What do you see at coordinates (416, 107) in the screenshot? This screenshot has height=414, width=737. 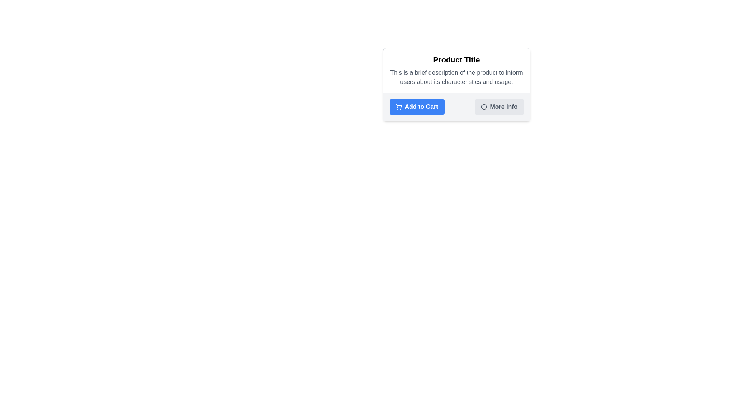 I see `the blue 'Add to Cart' button with rounded corners` at bounding box center [416, 107].